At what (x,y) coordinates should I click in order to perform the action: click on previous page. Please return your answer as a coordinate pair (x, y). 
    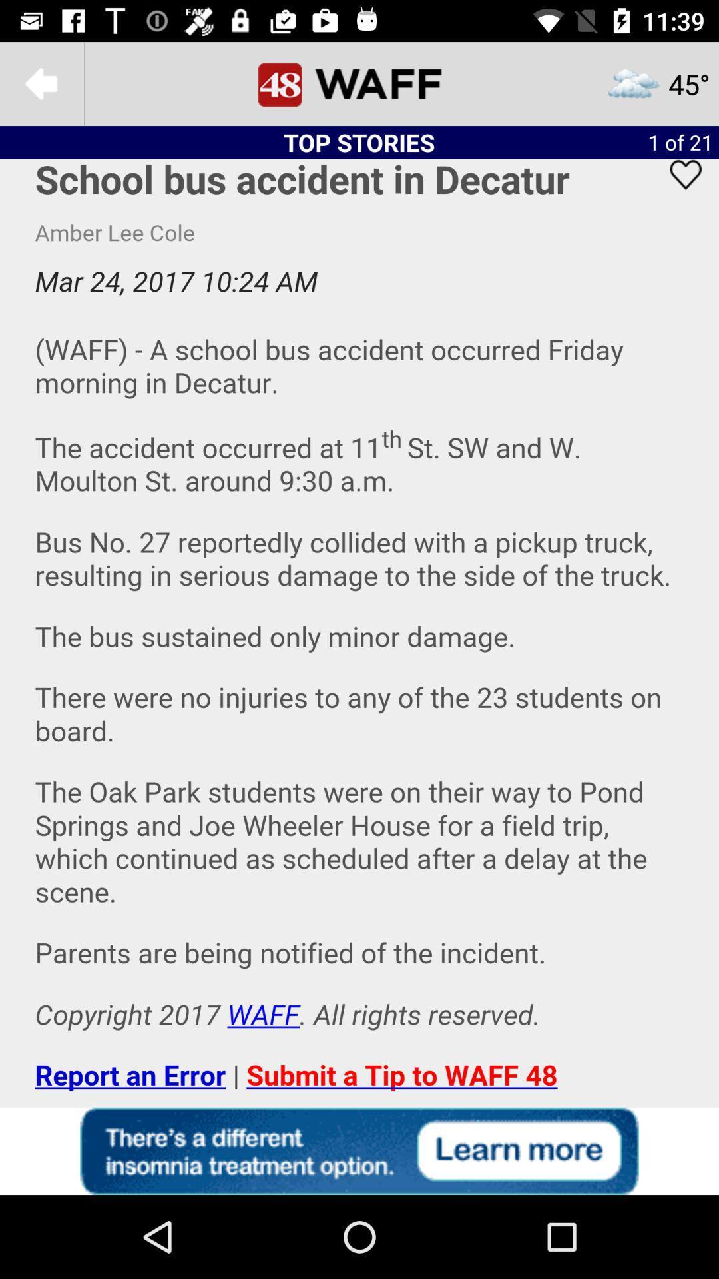
    Looking at the image, I should click on (41, 83).